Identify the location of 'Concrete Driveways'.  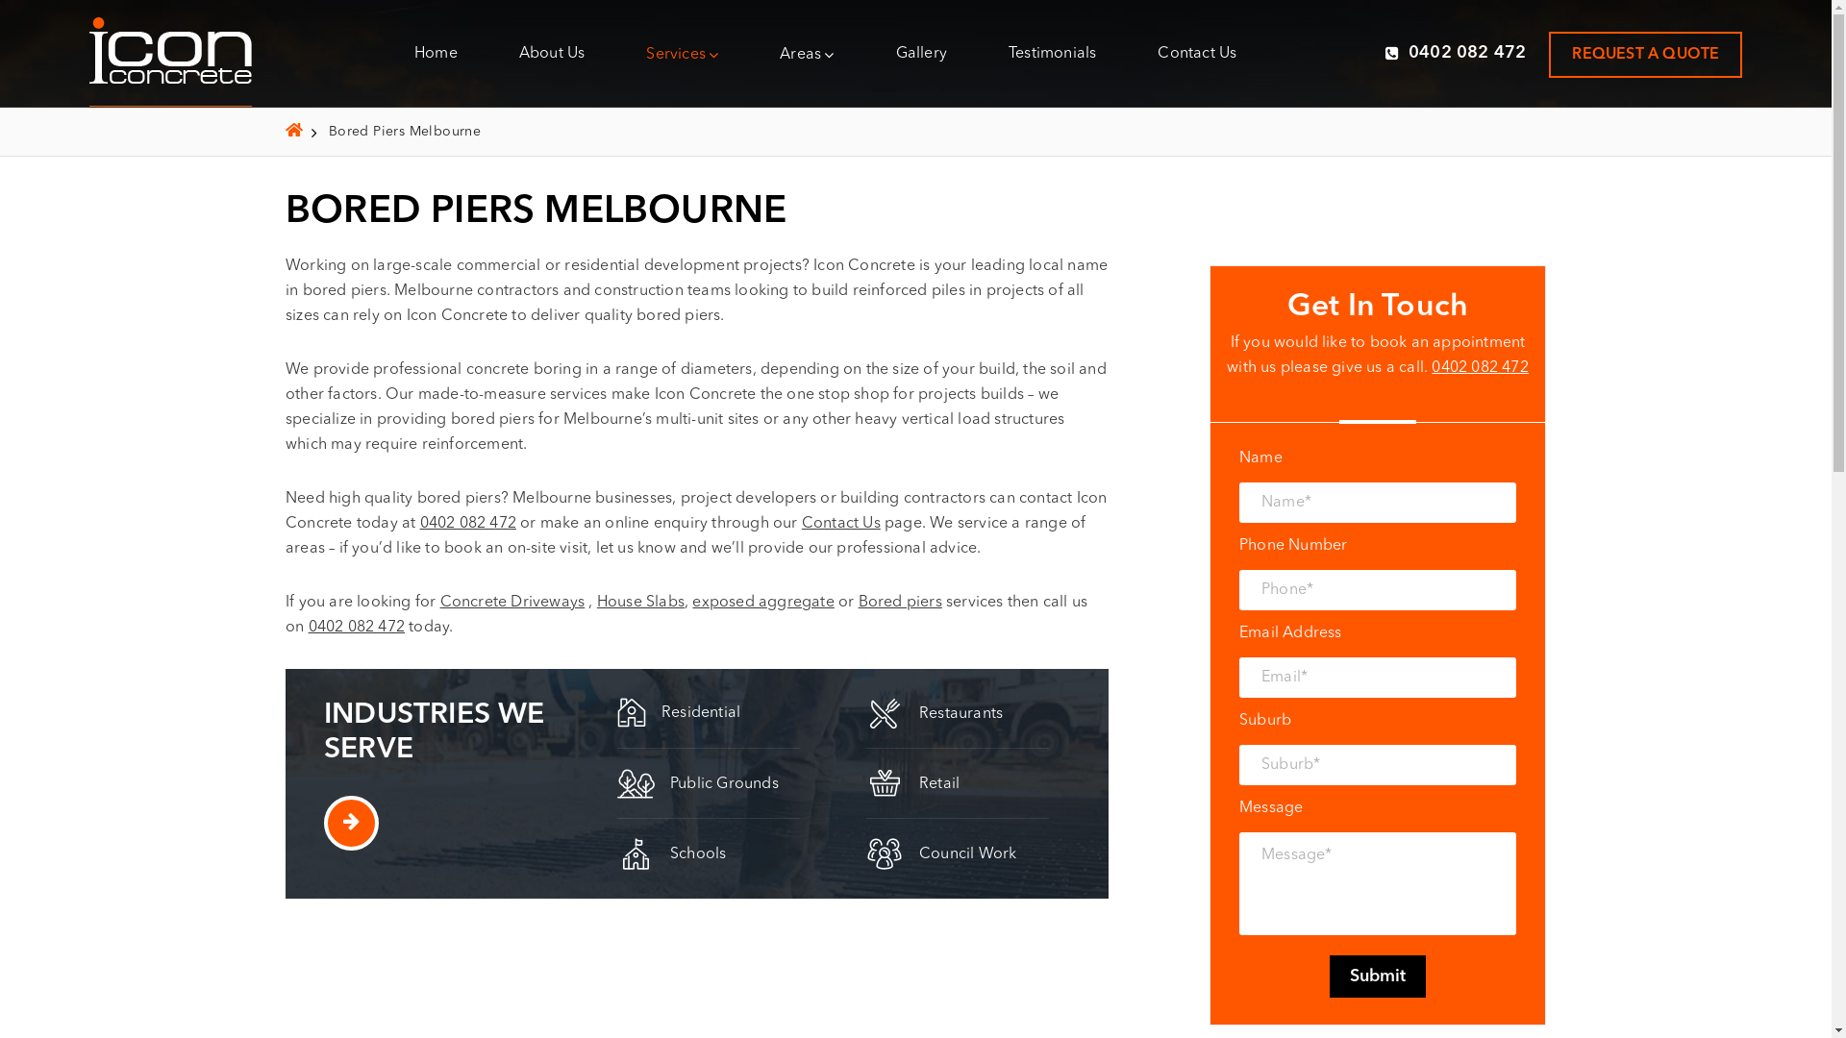
(512, 602).